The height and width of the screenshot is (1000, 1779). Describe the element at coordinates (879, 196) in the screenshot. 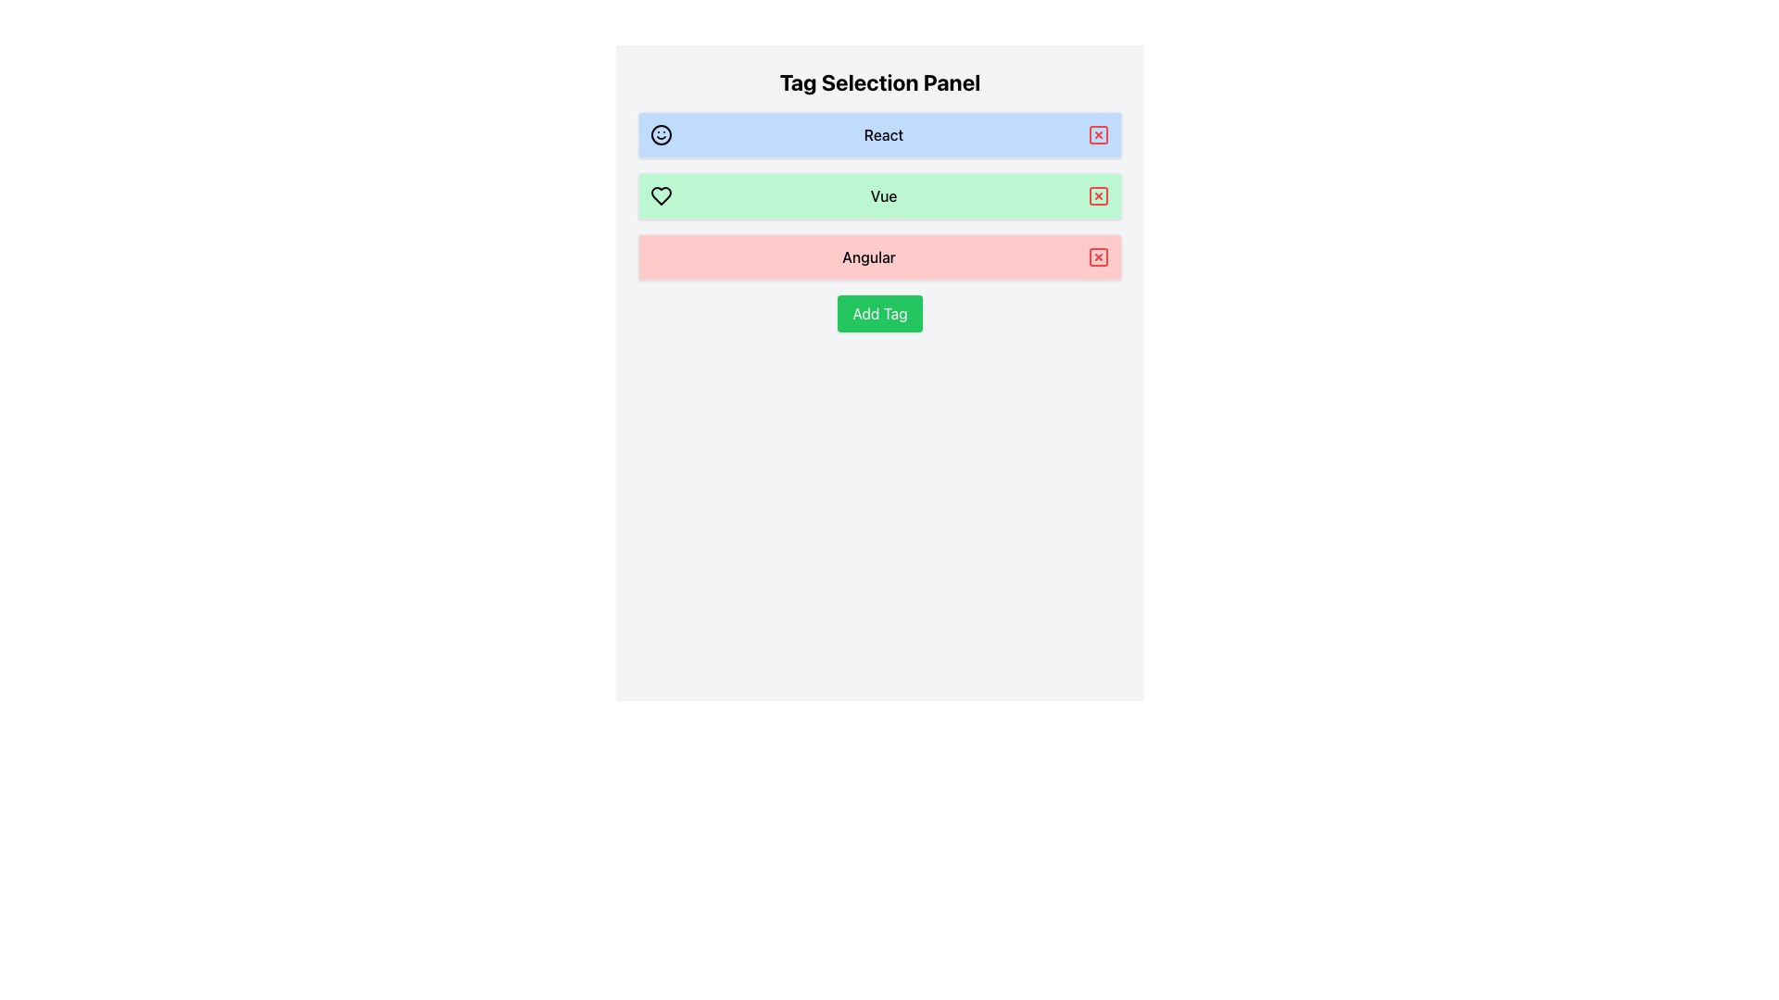

I see `the selectable tag component positioned below the blue 'React' tag and above the pink 'Angular' tag` at that location.